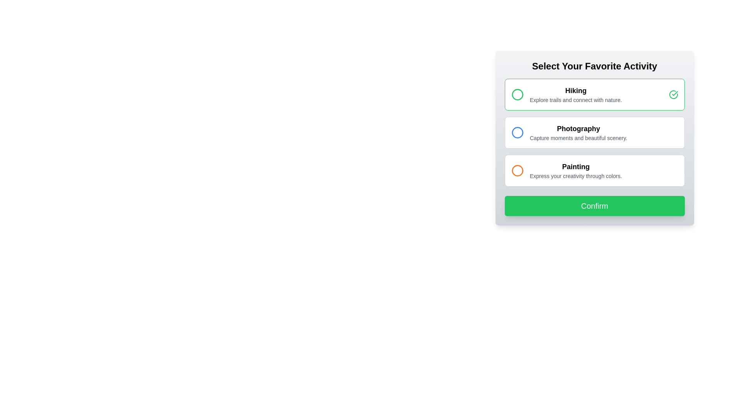  I want to click on the text label displaying 'Hiking' which is a large and bold heading in the upper section of the activity list, so click(576, 90).